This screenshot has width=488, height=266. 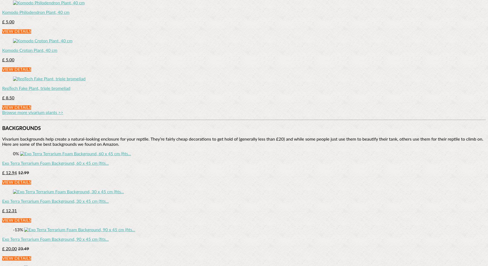 I want to click on '12.94', so click(x=10, y=173).